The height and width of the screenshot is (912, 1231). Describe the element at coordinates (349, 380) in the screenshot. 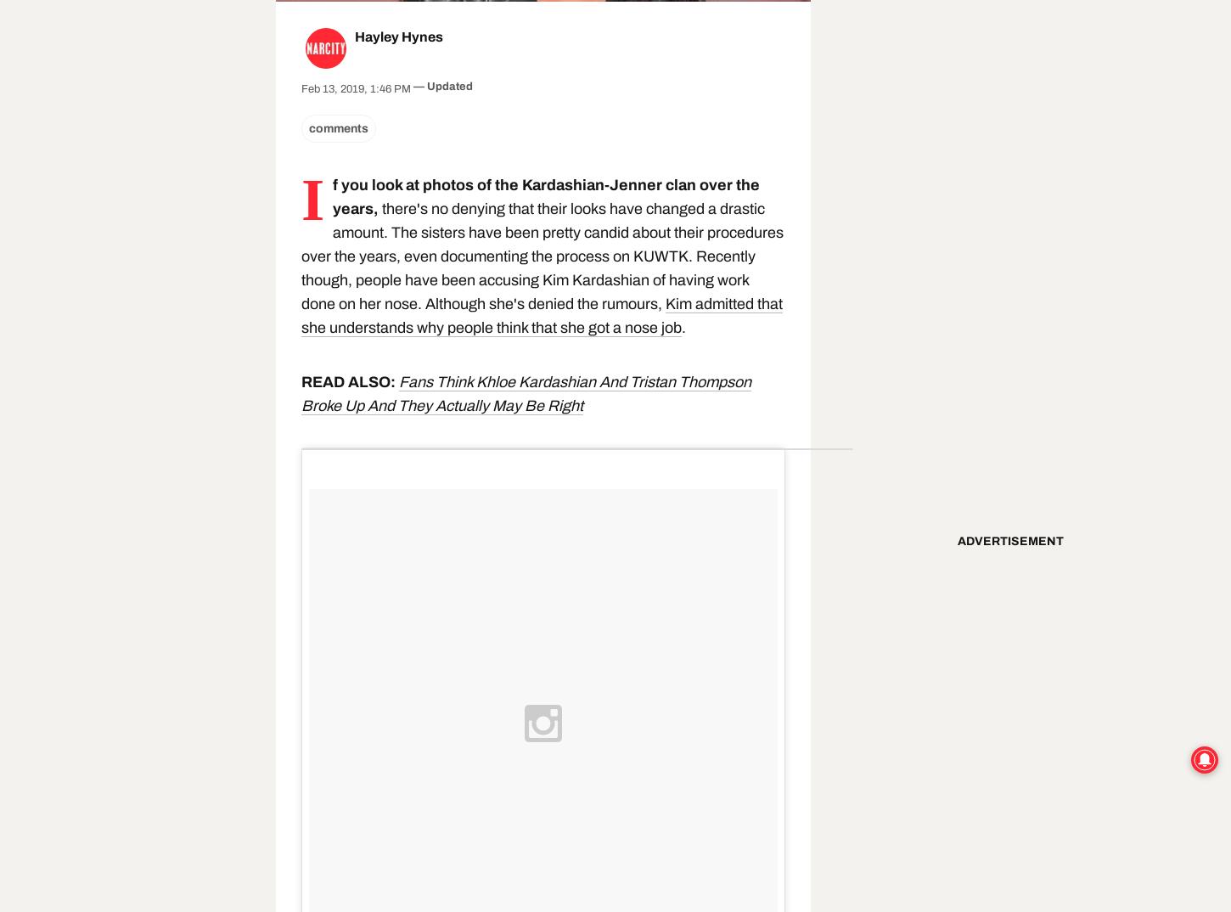

I see `'READ ALSO:'` at that location.